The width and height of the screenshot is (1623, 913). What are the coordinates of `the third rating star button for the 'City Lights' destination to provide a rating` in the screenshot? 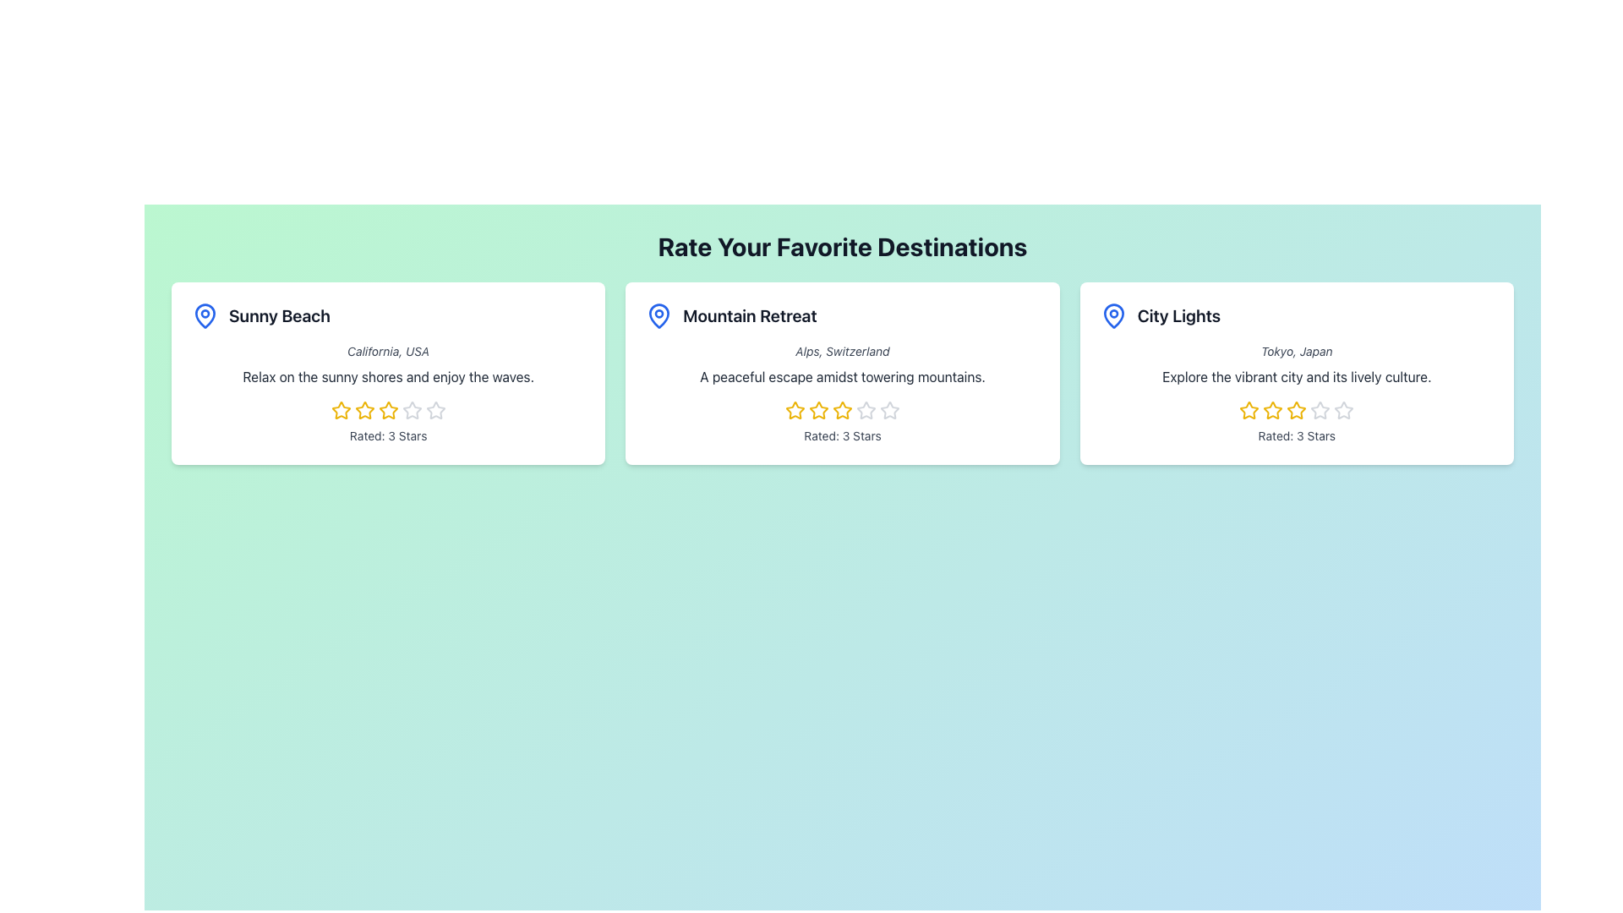 It's located at (1273, 410).